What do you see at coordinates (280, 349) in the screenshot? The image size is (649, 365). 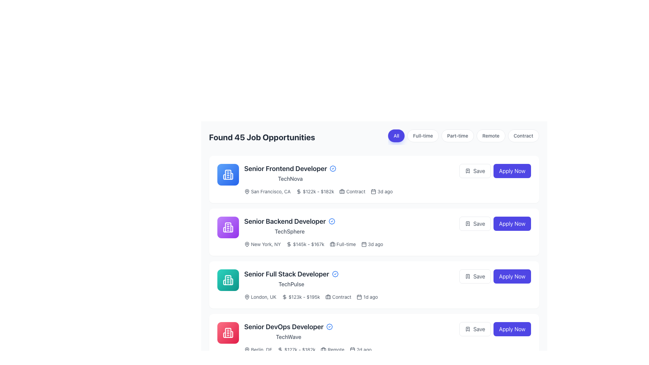 I see `the small, minimalist dollar sign icon located to the left of the salary range text '$127k - $182k' in the fourth job listing row for 'Senior DevOps Developer - TechWave'` at bounding box center [280, 349].